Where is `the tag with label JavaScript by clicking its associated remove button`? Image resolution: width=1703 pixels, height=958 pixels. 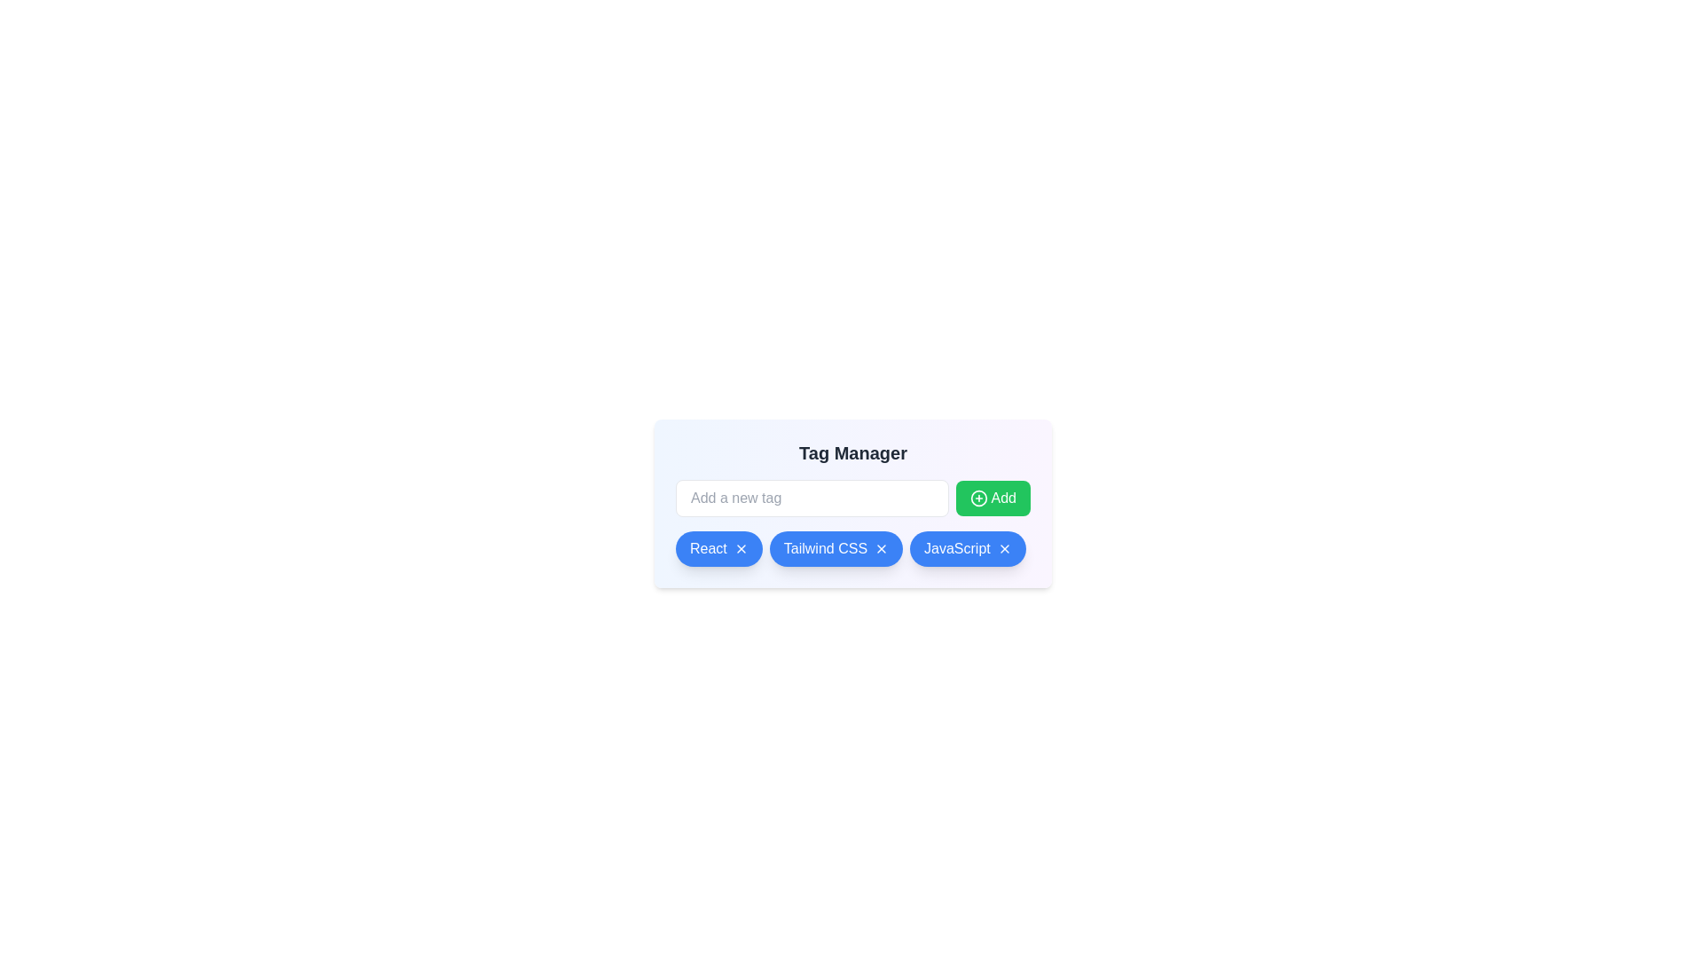 the tag with label JavaScript by clicking its associated remove button is located at coordinates (1004, 547).